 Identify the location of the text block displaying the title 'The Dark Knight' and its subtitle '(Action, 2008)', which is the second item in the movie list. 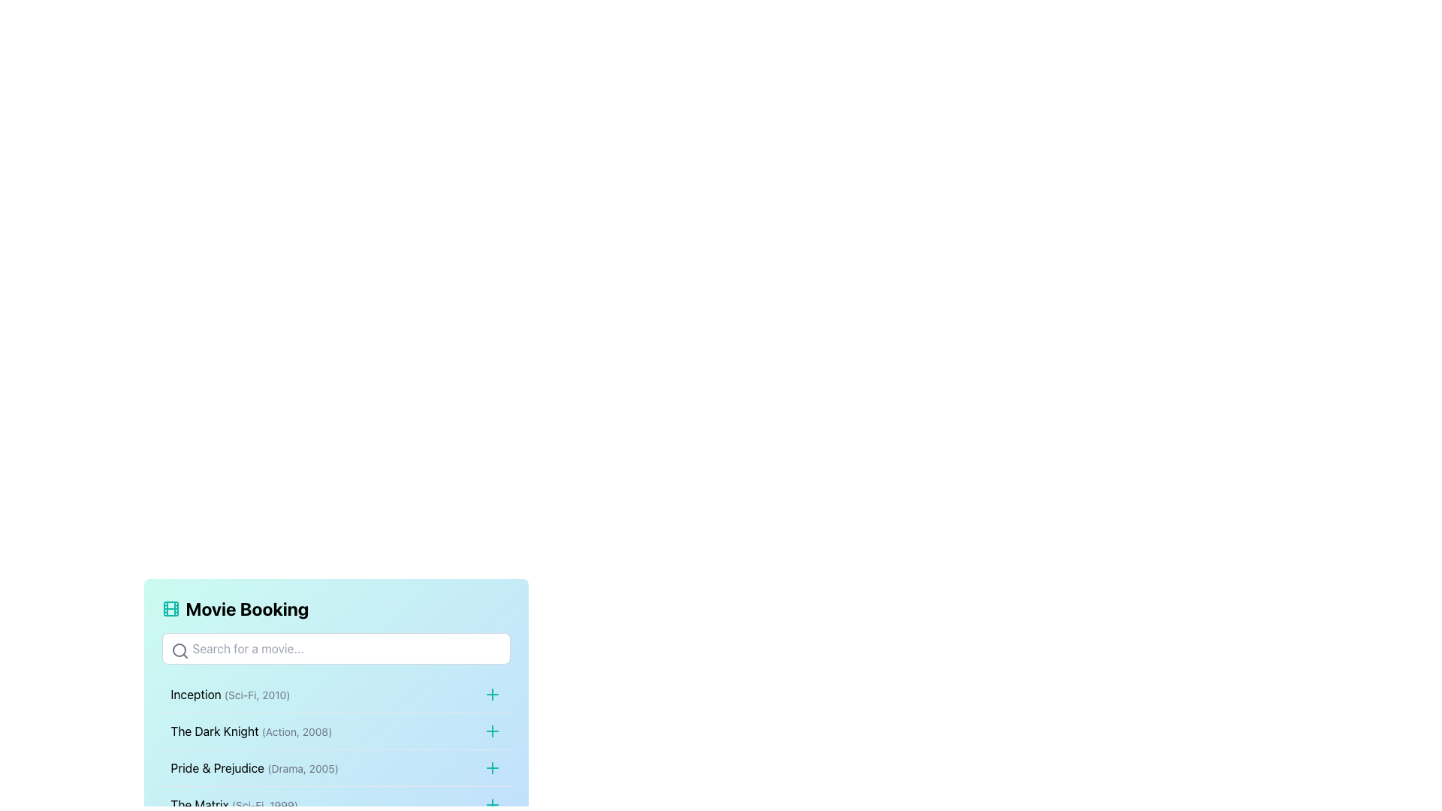
(252, 731).